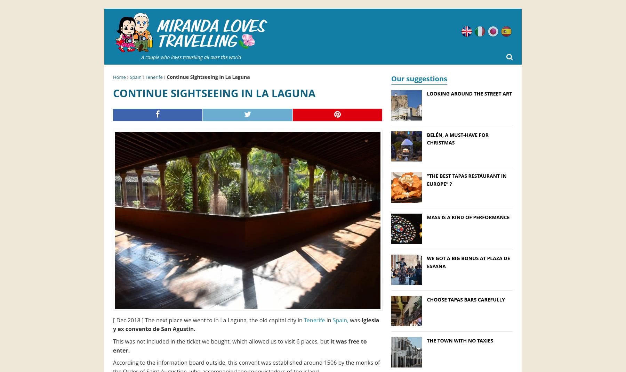 The image size is (626, 372). Describe the element at coordinates (136, 77) in the screenshot. I see `'Spain'` at that location.